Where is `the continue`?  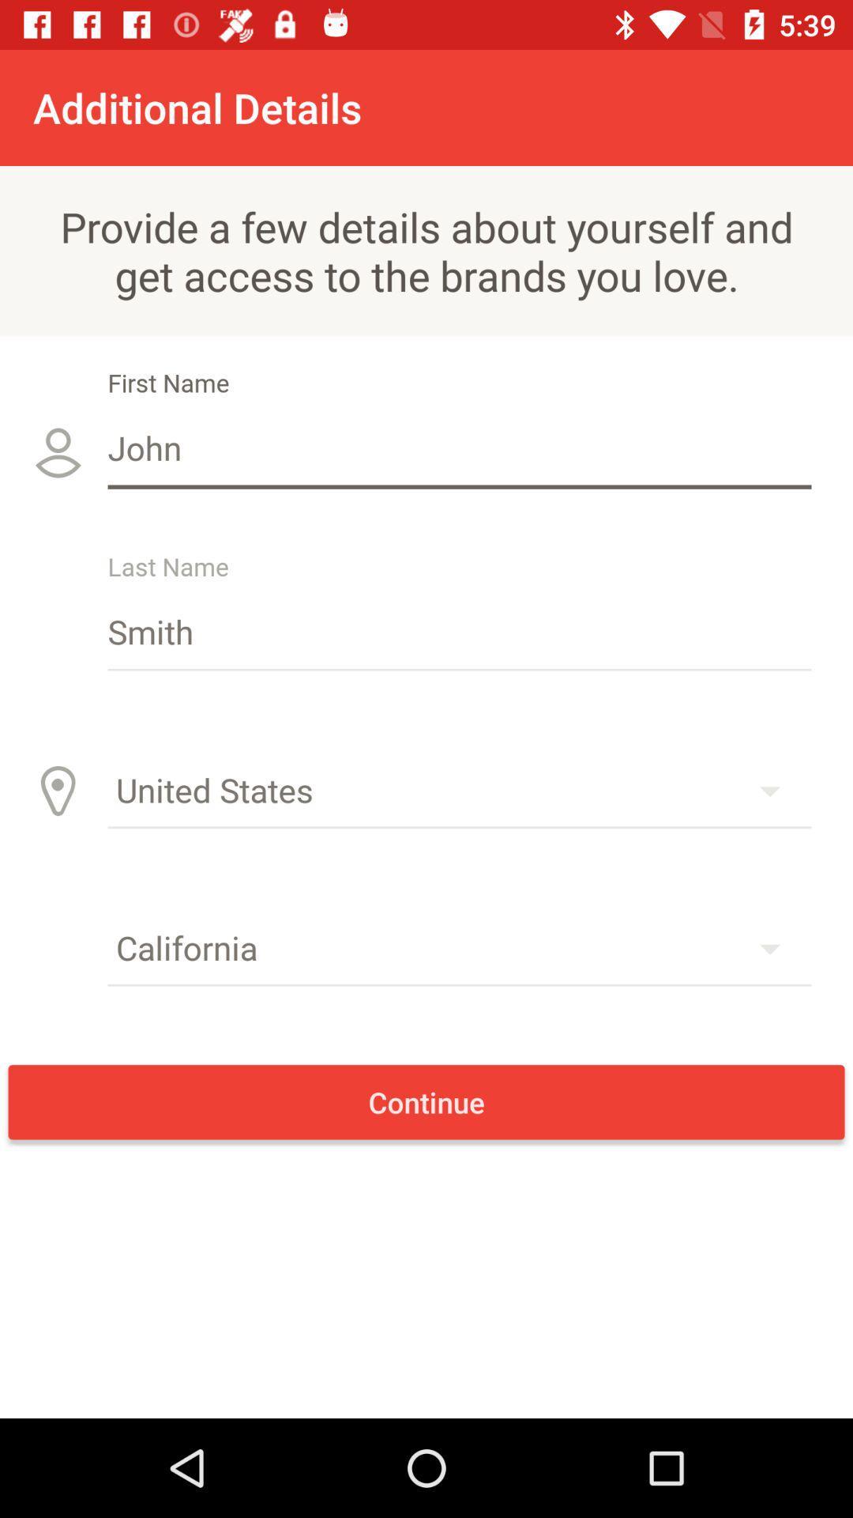 the continue is located at coordinates (426, 1101).